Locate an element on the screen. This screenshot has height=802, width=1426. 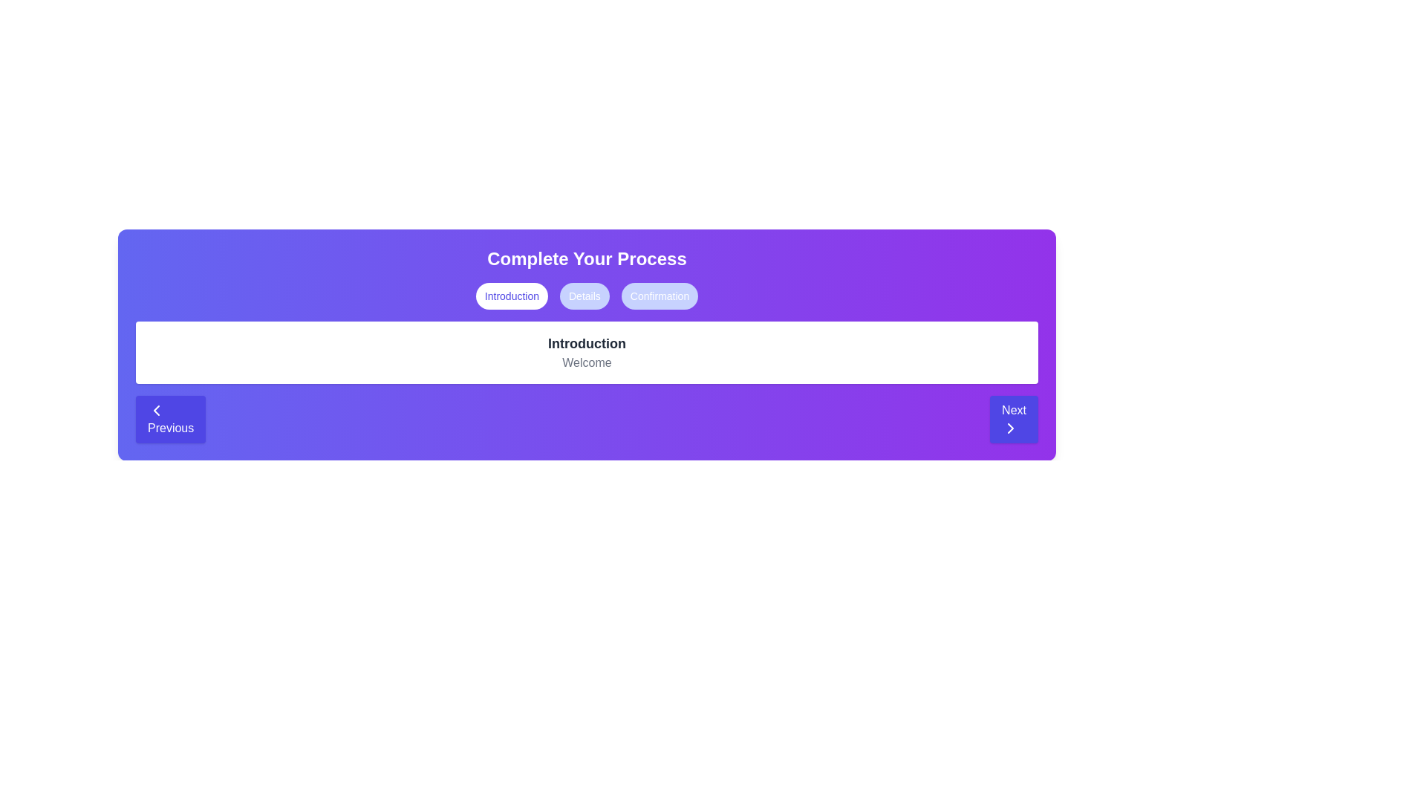
the right-pointing chevron icon within the 'Next' button located in the bottom-right corner is located at coordinates (1010, 428).